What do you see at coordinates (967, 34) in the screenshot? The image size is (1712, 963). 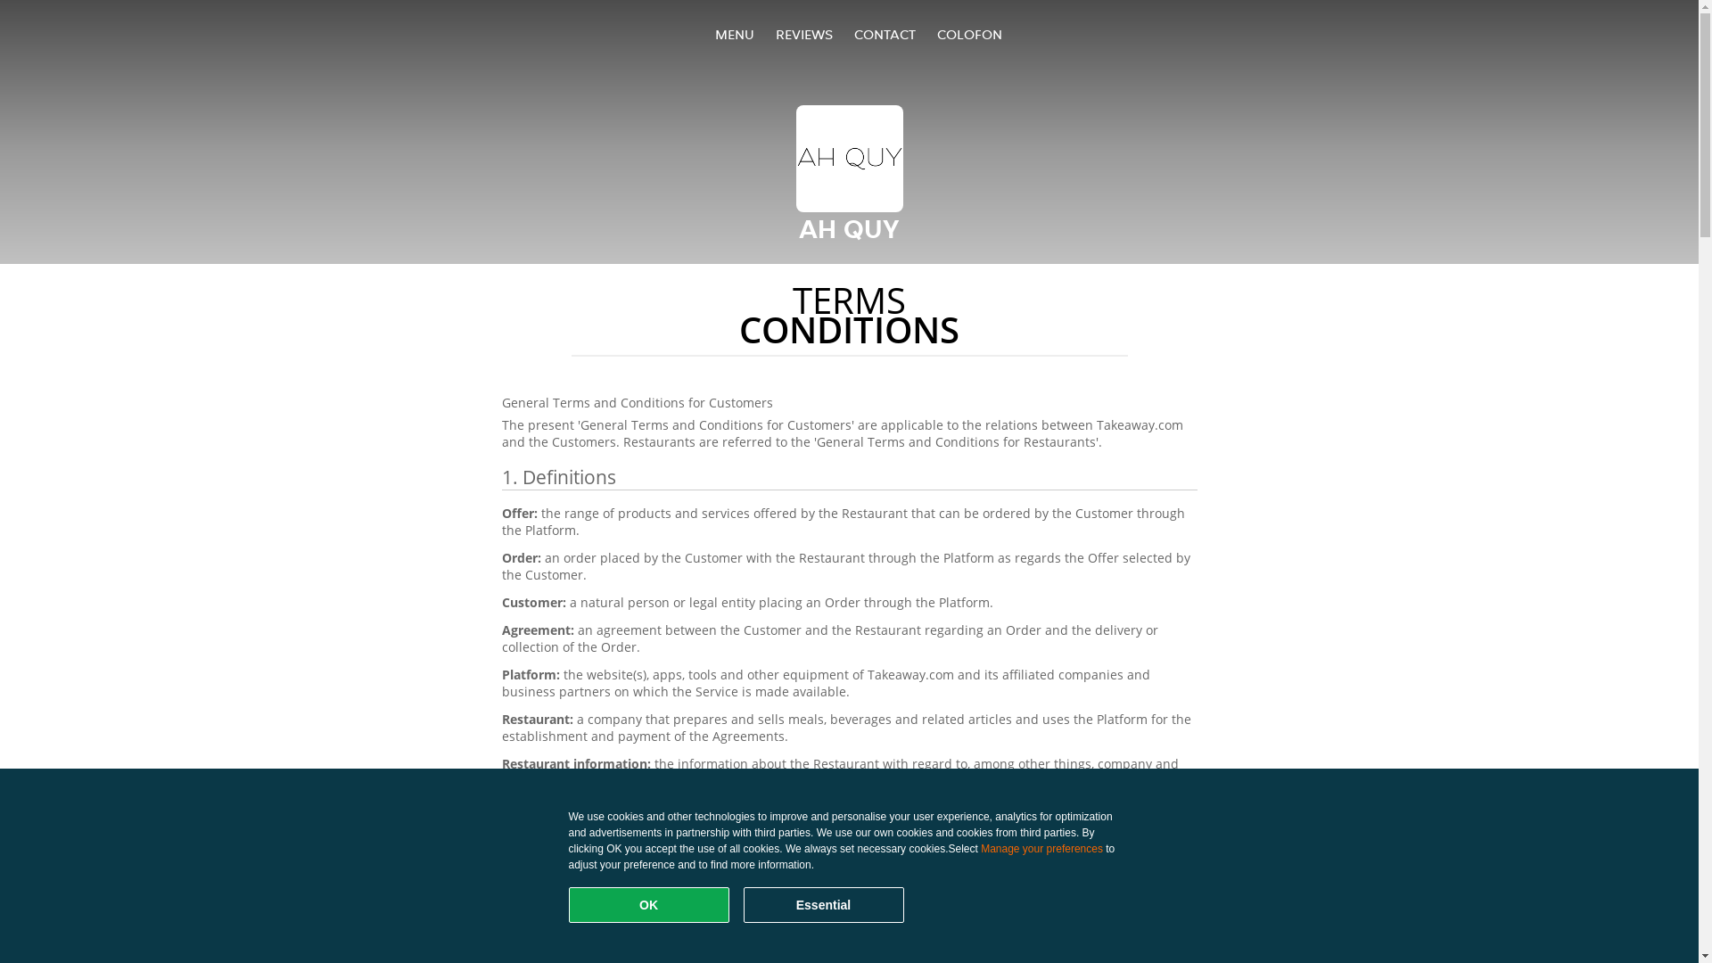 I see `'COLOFON'` at bounding box center [967, 34].